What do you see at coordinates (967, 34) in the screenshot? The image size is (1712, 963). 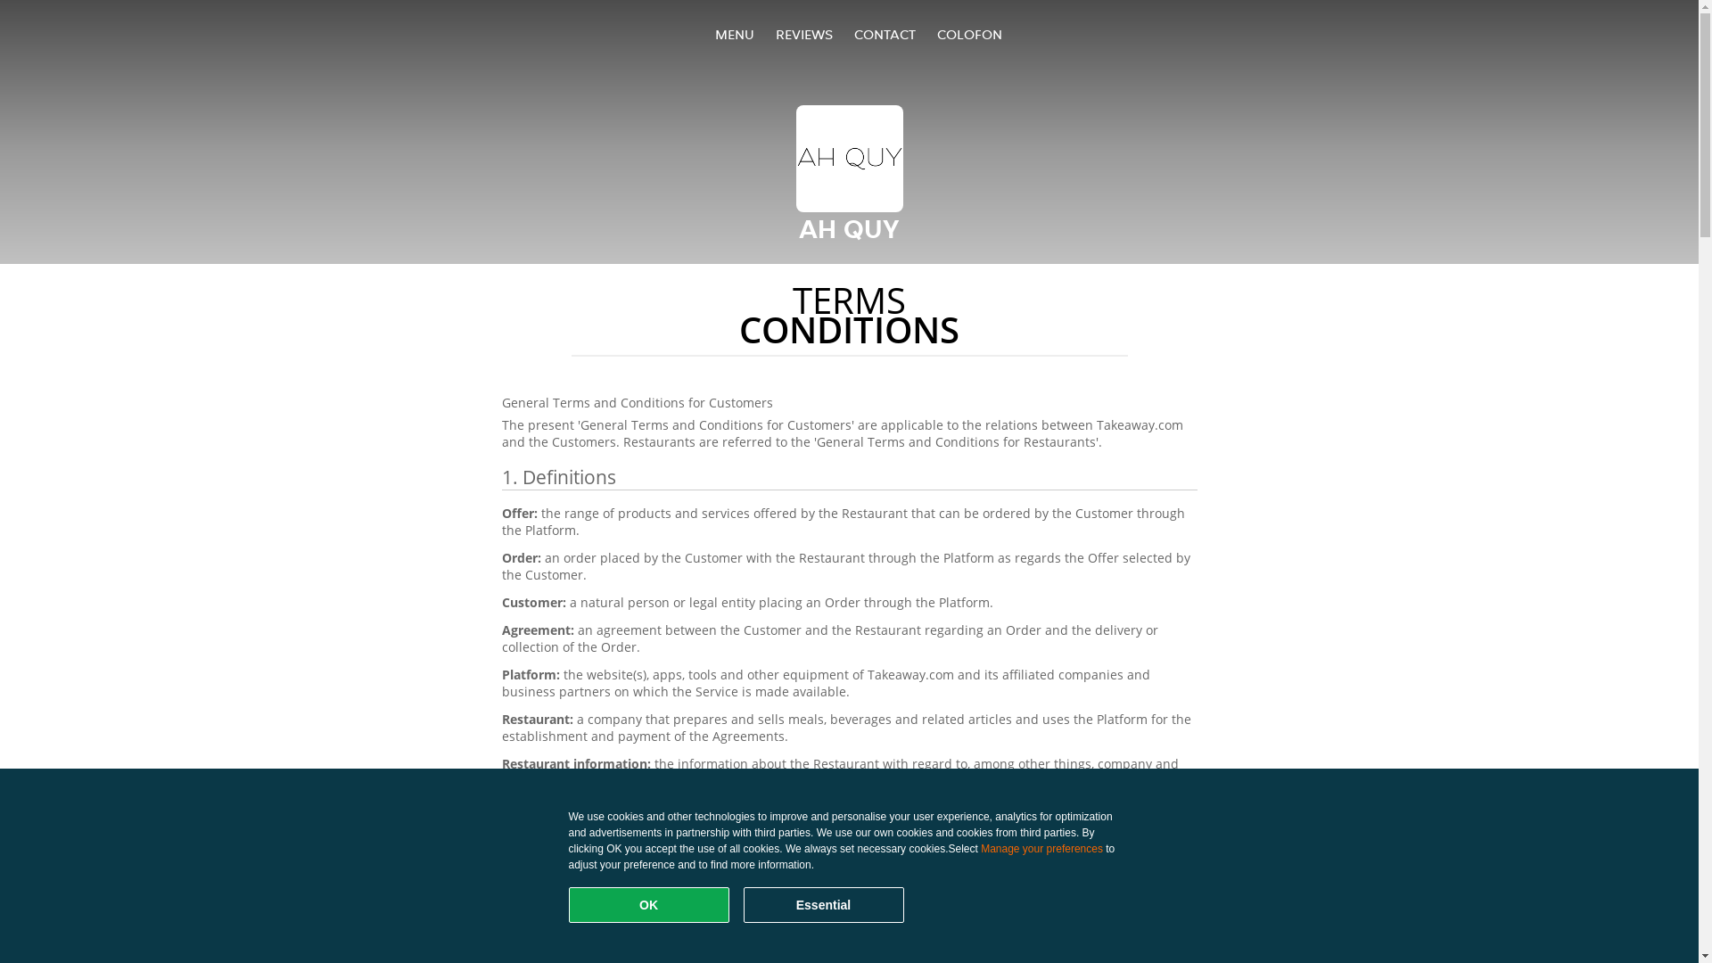 I see `'COLOFON'` at bounding box center [967, 34].